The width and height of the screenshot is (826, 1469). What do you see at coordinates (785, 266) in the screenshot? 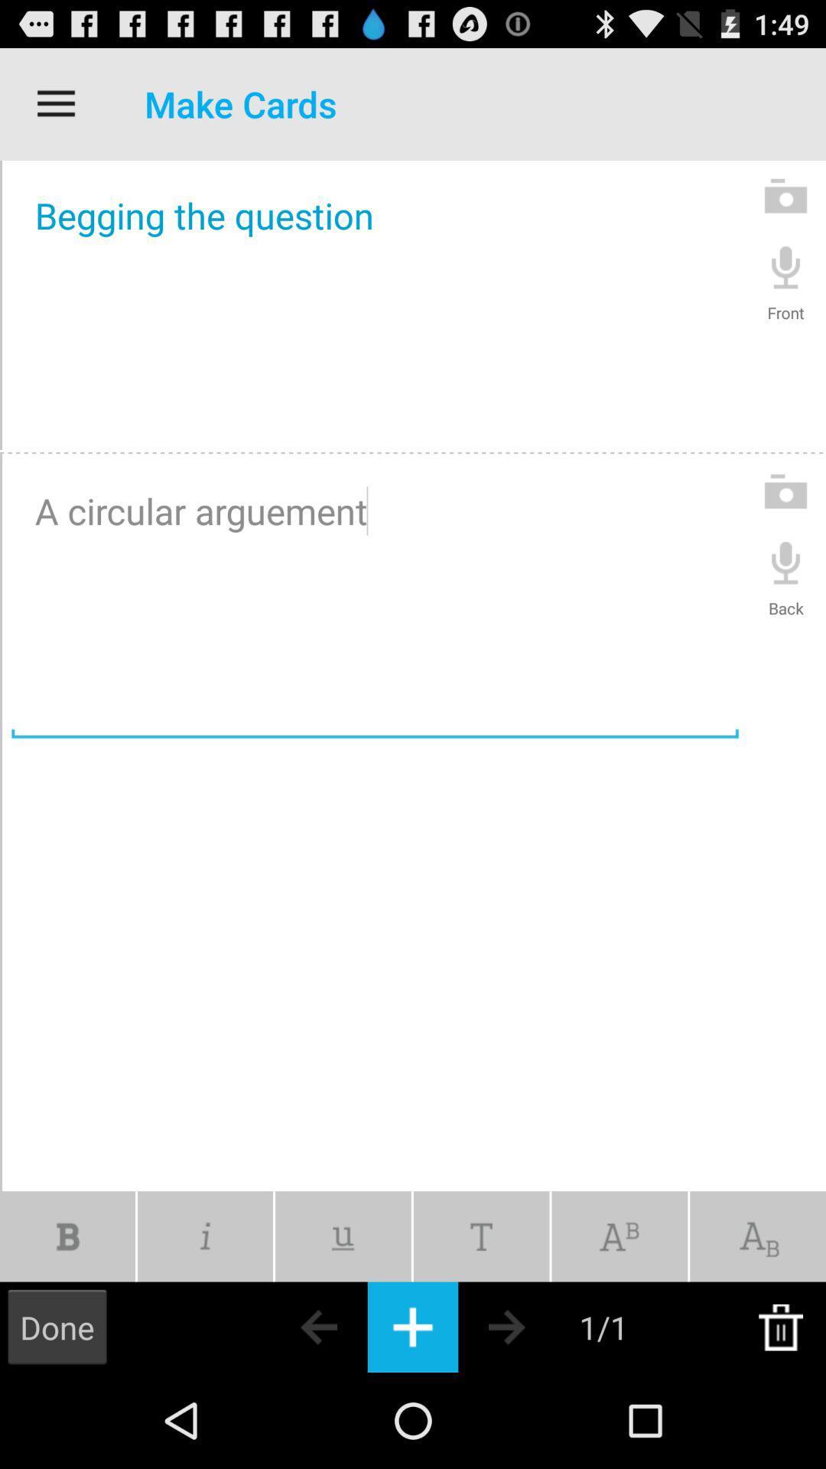
I see `listen to text` at bounding box center [785, 266].